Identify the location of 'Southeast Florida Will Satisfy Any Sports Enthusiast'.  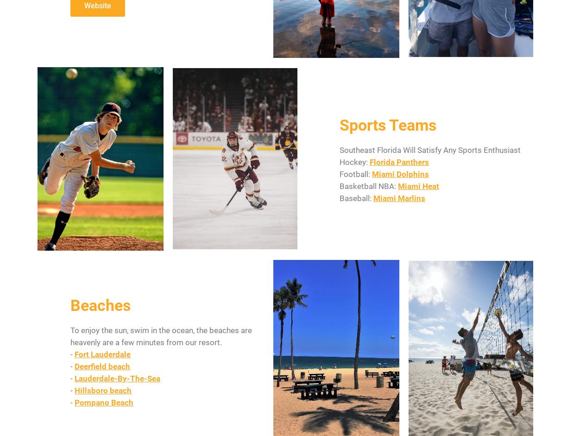
(429, 149).